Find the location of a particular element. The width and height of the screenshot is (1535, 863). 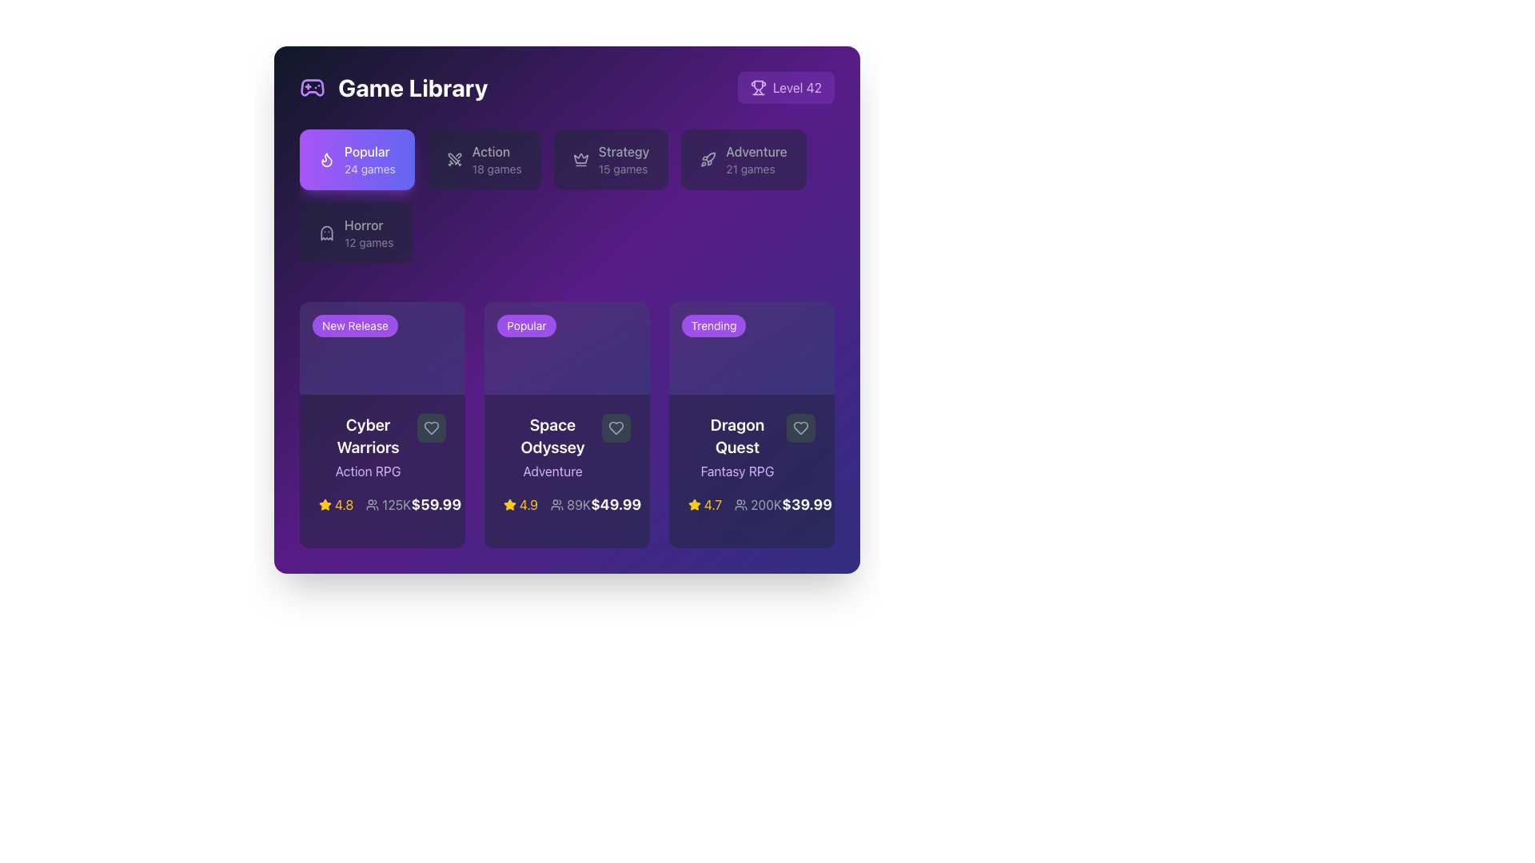

the star icon that has a yellow fill and is located next to the rating number '4.9' in the second card of the horizontal layout is located at coordinates (509, 505).